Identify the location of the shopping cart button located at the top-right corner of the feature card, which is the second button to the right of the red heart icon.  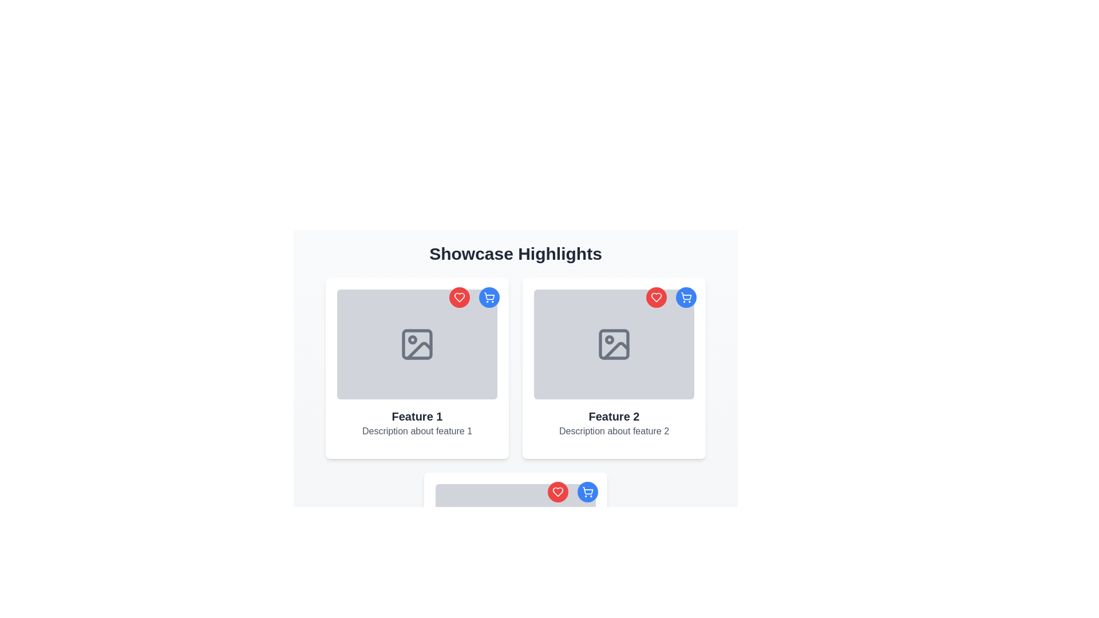
(588, 492).